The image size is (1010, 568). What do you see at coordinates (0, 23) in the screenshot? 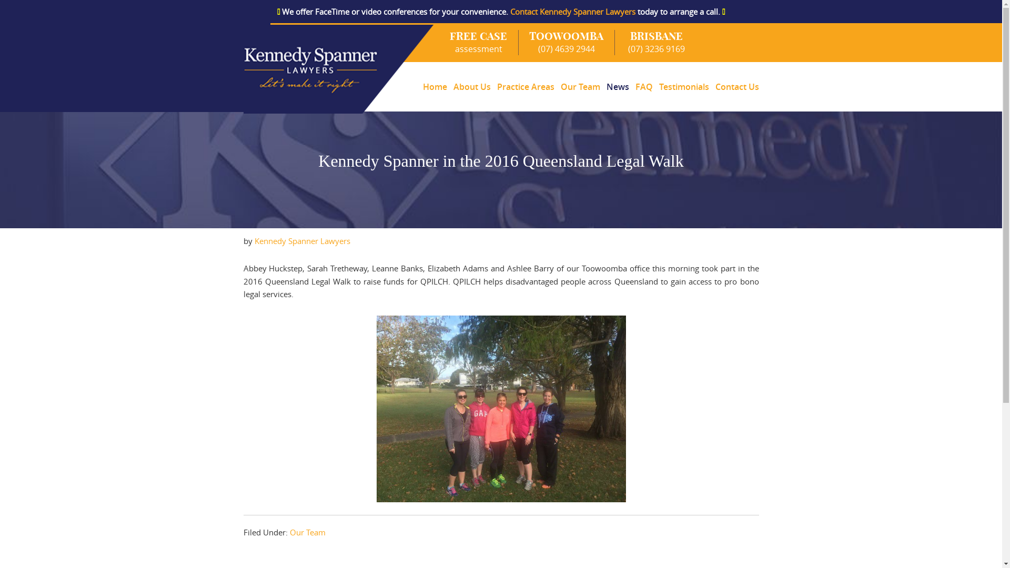
I see `'Skip to primary navigation'` at bounding box center [0, 23].